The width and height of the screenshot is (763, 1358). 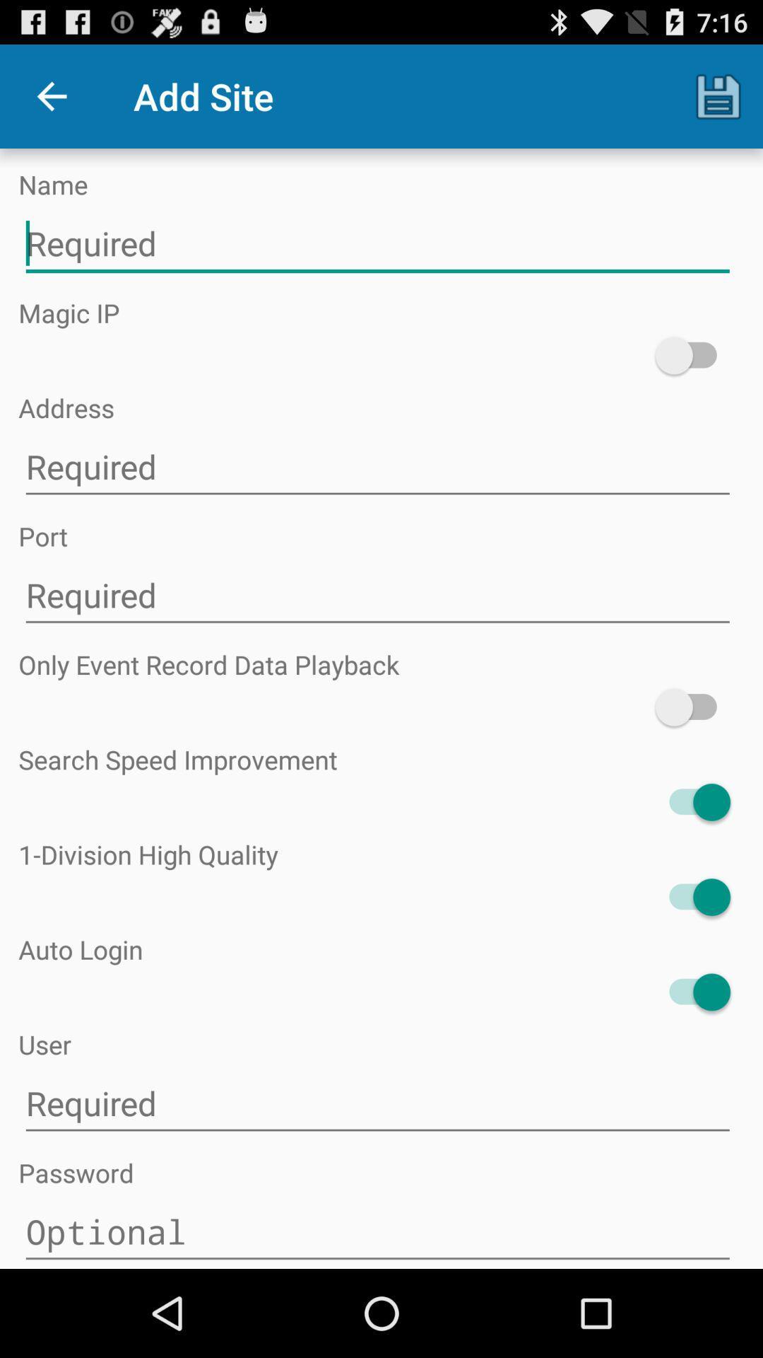 What do you see at coordinates (51, 95) in the screenshot?
I see `item next to the add site` at bounding box center [51, 95].